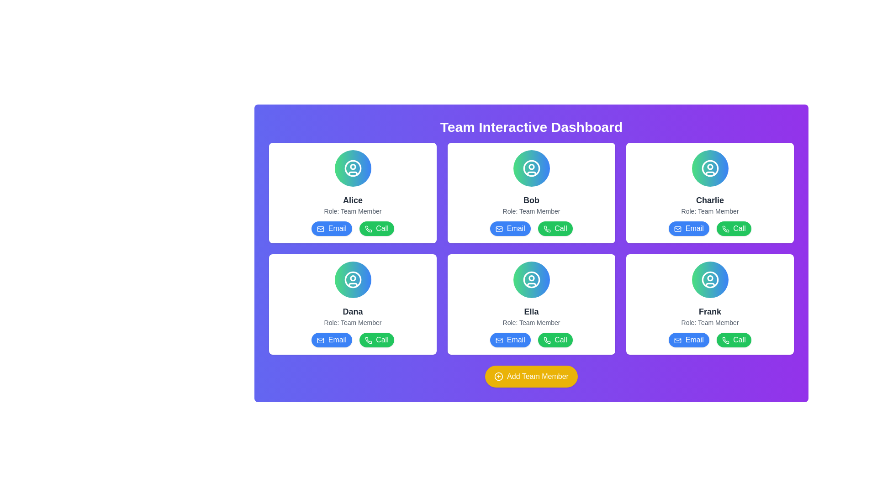  Describe the element at coordinates (376, 340) in the screenshot. I see `the green 'Call' button with white text and a phone icon, which is the second button in the group located beneath the 'Dana' profile card` at that location.